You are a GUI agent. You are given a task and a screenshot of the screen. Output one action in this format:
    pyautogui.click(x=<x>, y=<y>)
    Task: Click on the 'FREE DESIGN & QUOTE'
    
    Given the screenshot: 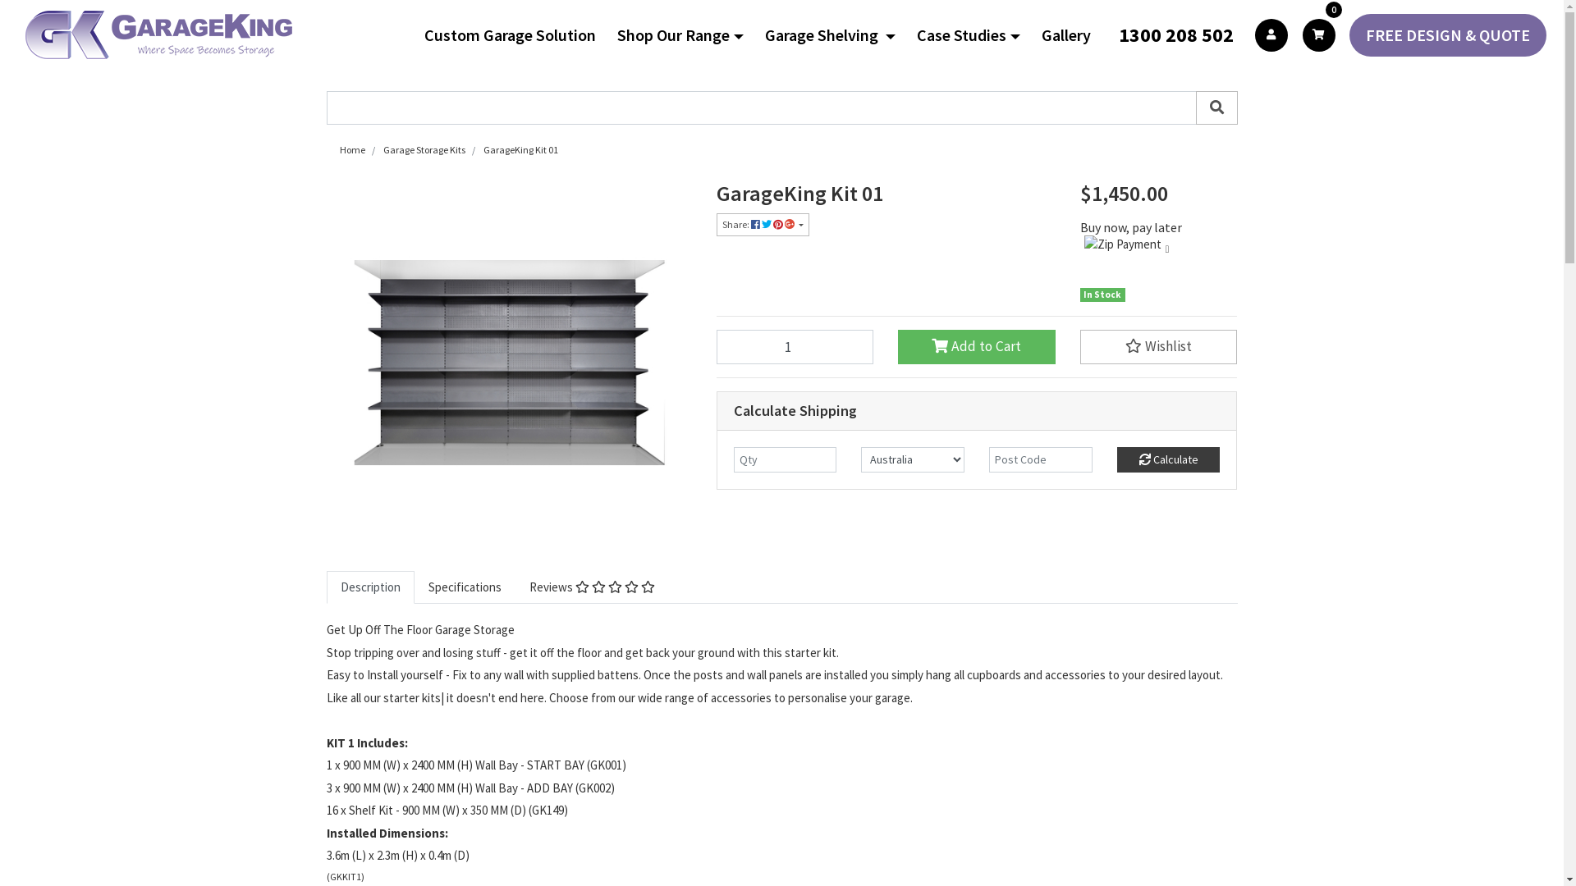 What is the action you would take?
    pyautogui.click(x=1349, y=34)
    